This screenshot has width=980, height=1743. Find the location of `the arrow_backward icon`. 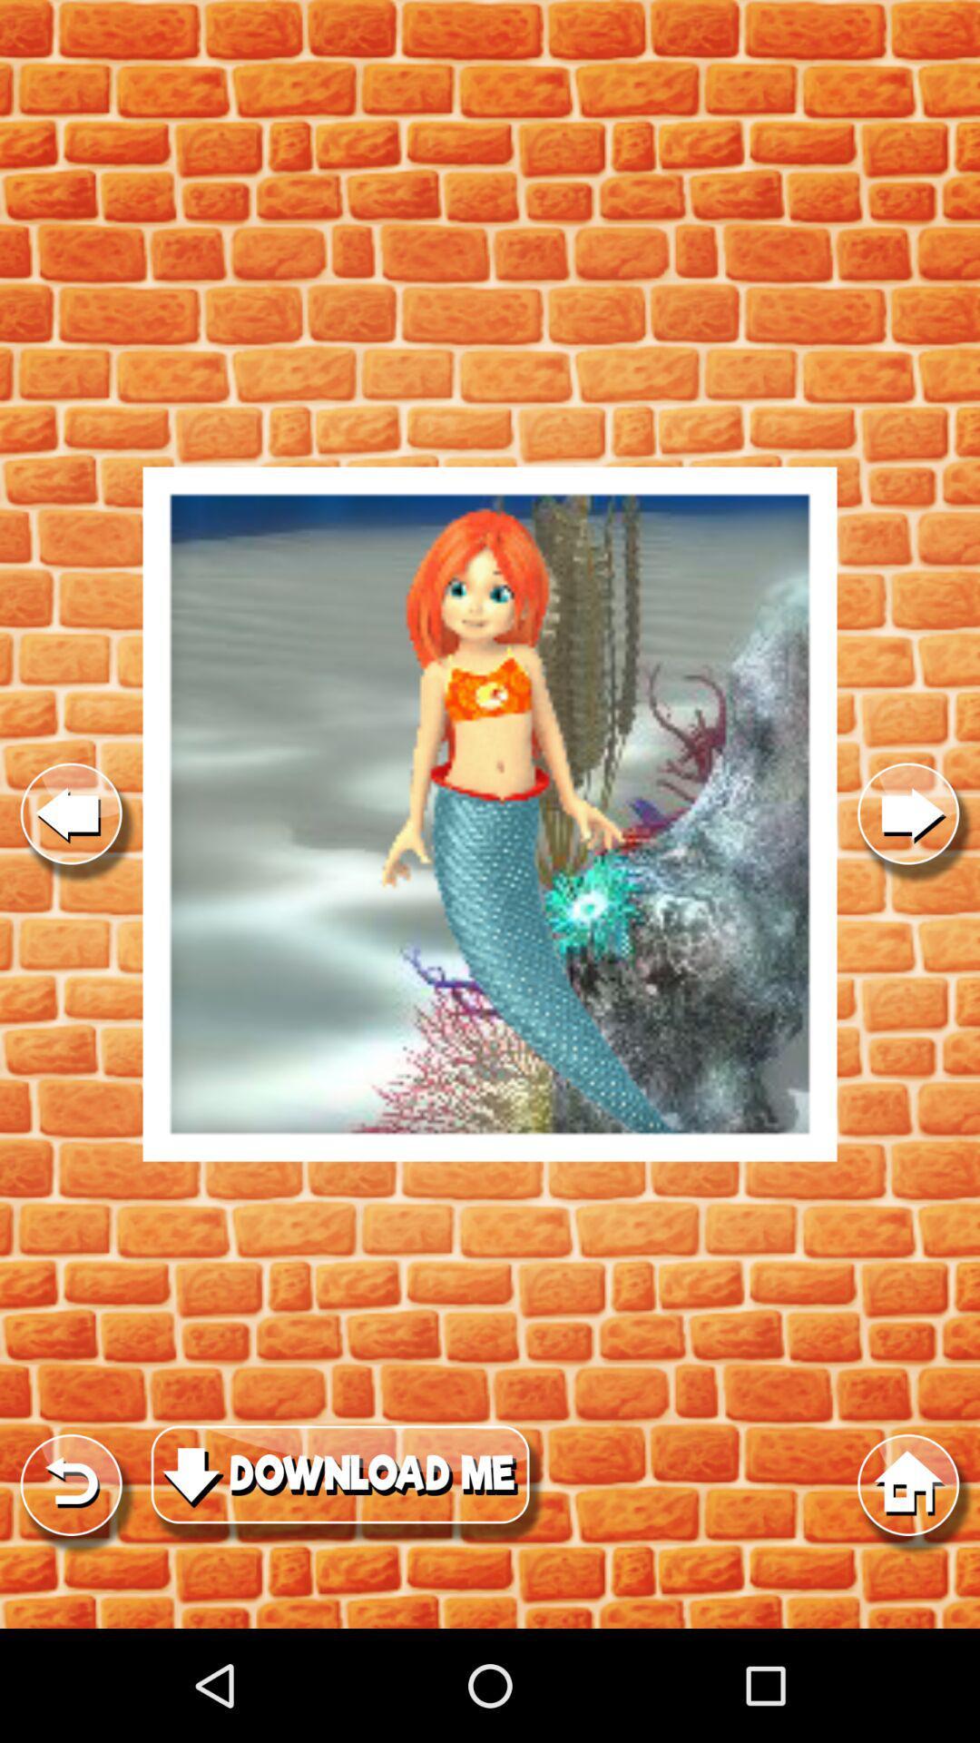

the arrow_backward icon is located at coordinates (70, 871).